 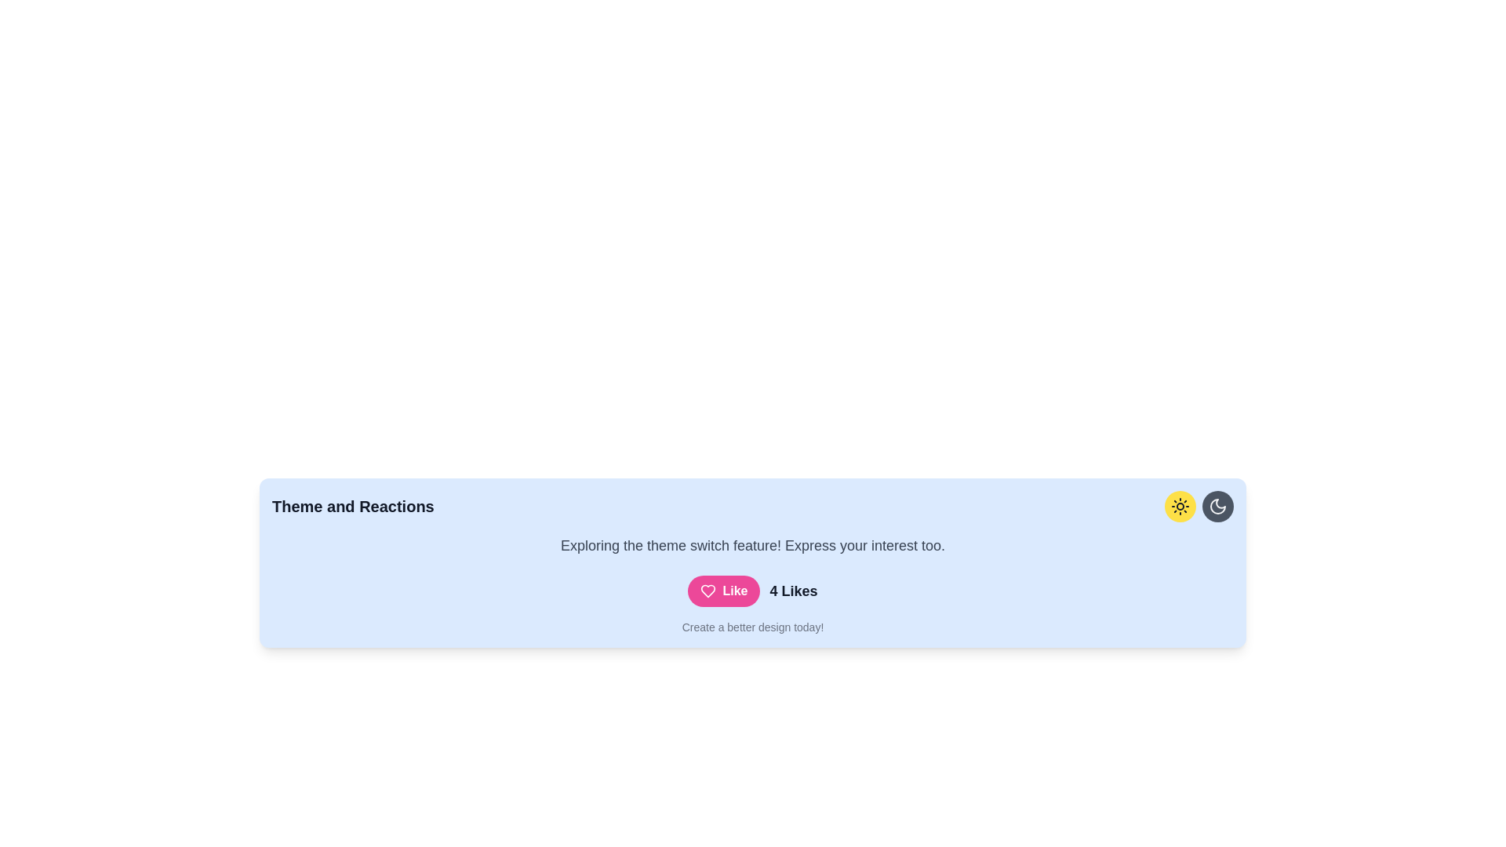 What do you see at coordinates (1199, 506) in the screenshot?
I see `the sun icon in the 'Theme and Reactions' section` at bounding box center [1199, 506].